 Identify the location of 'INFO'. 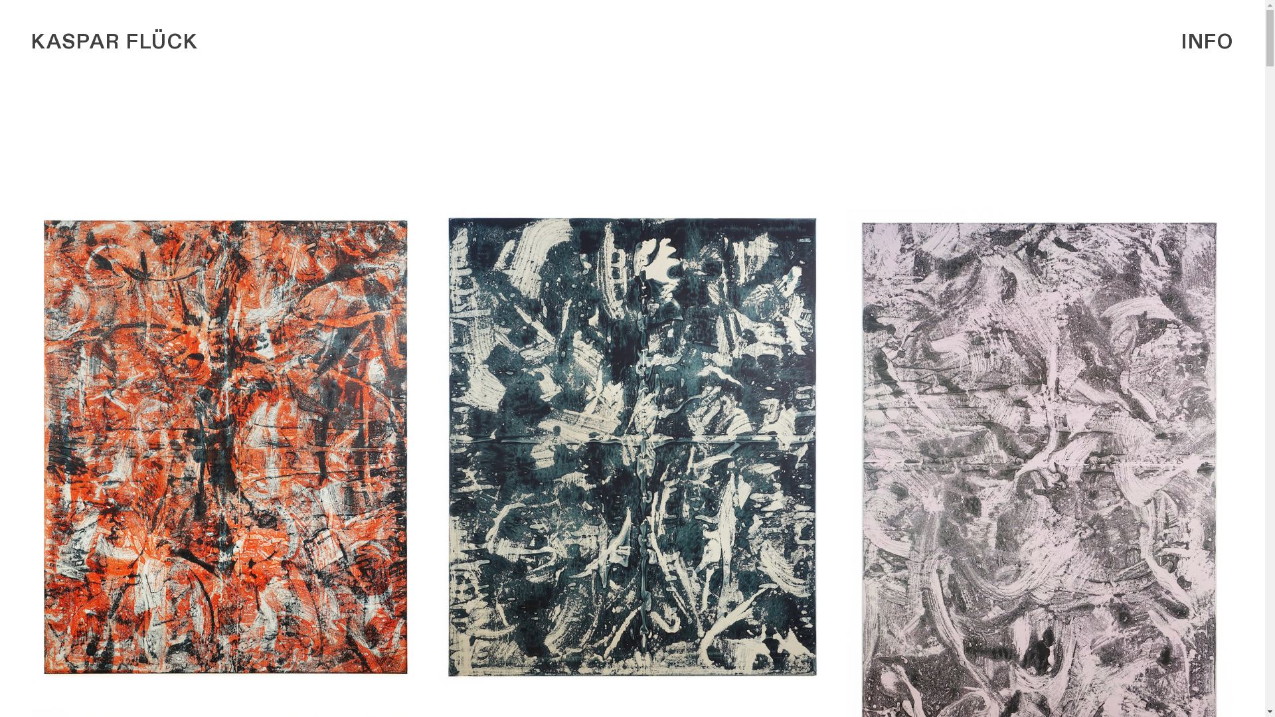
(1207, 41).